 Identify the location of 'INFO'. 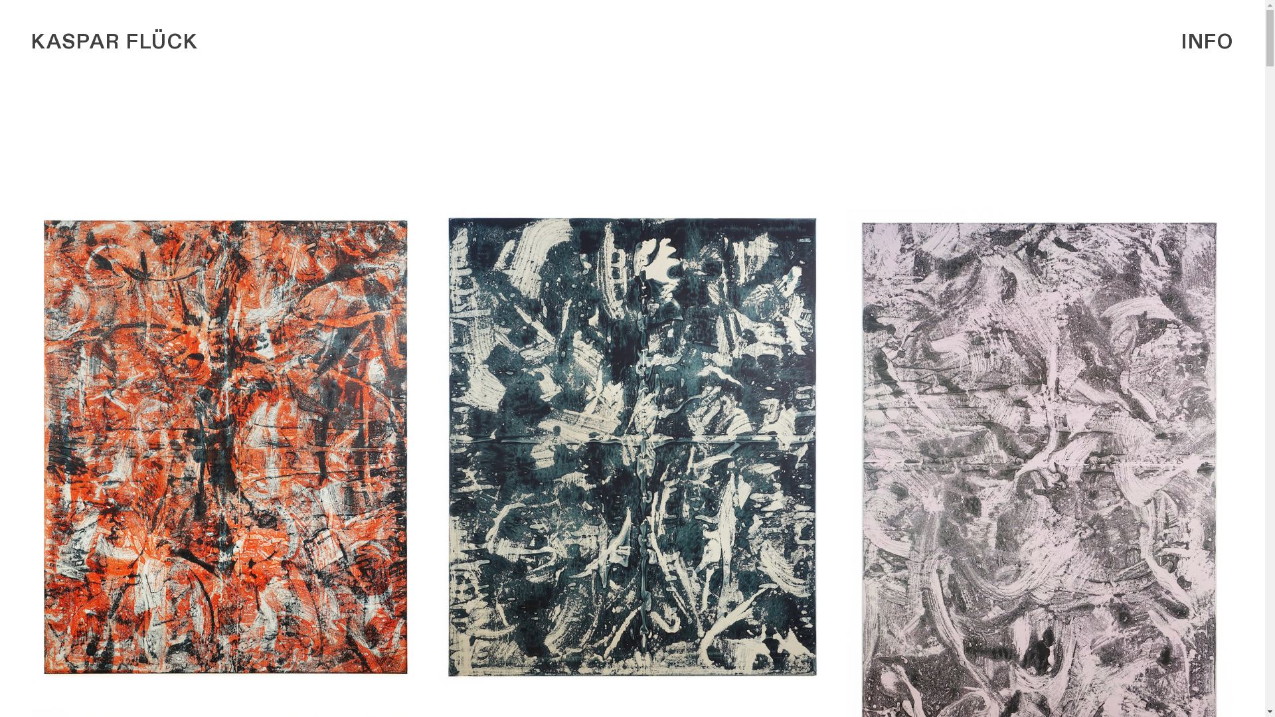
(1207, 41).